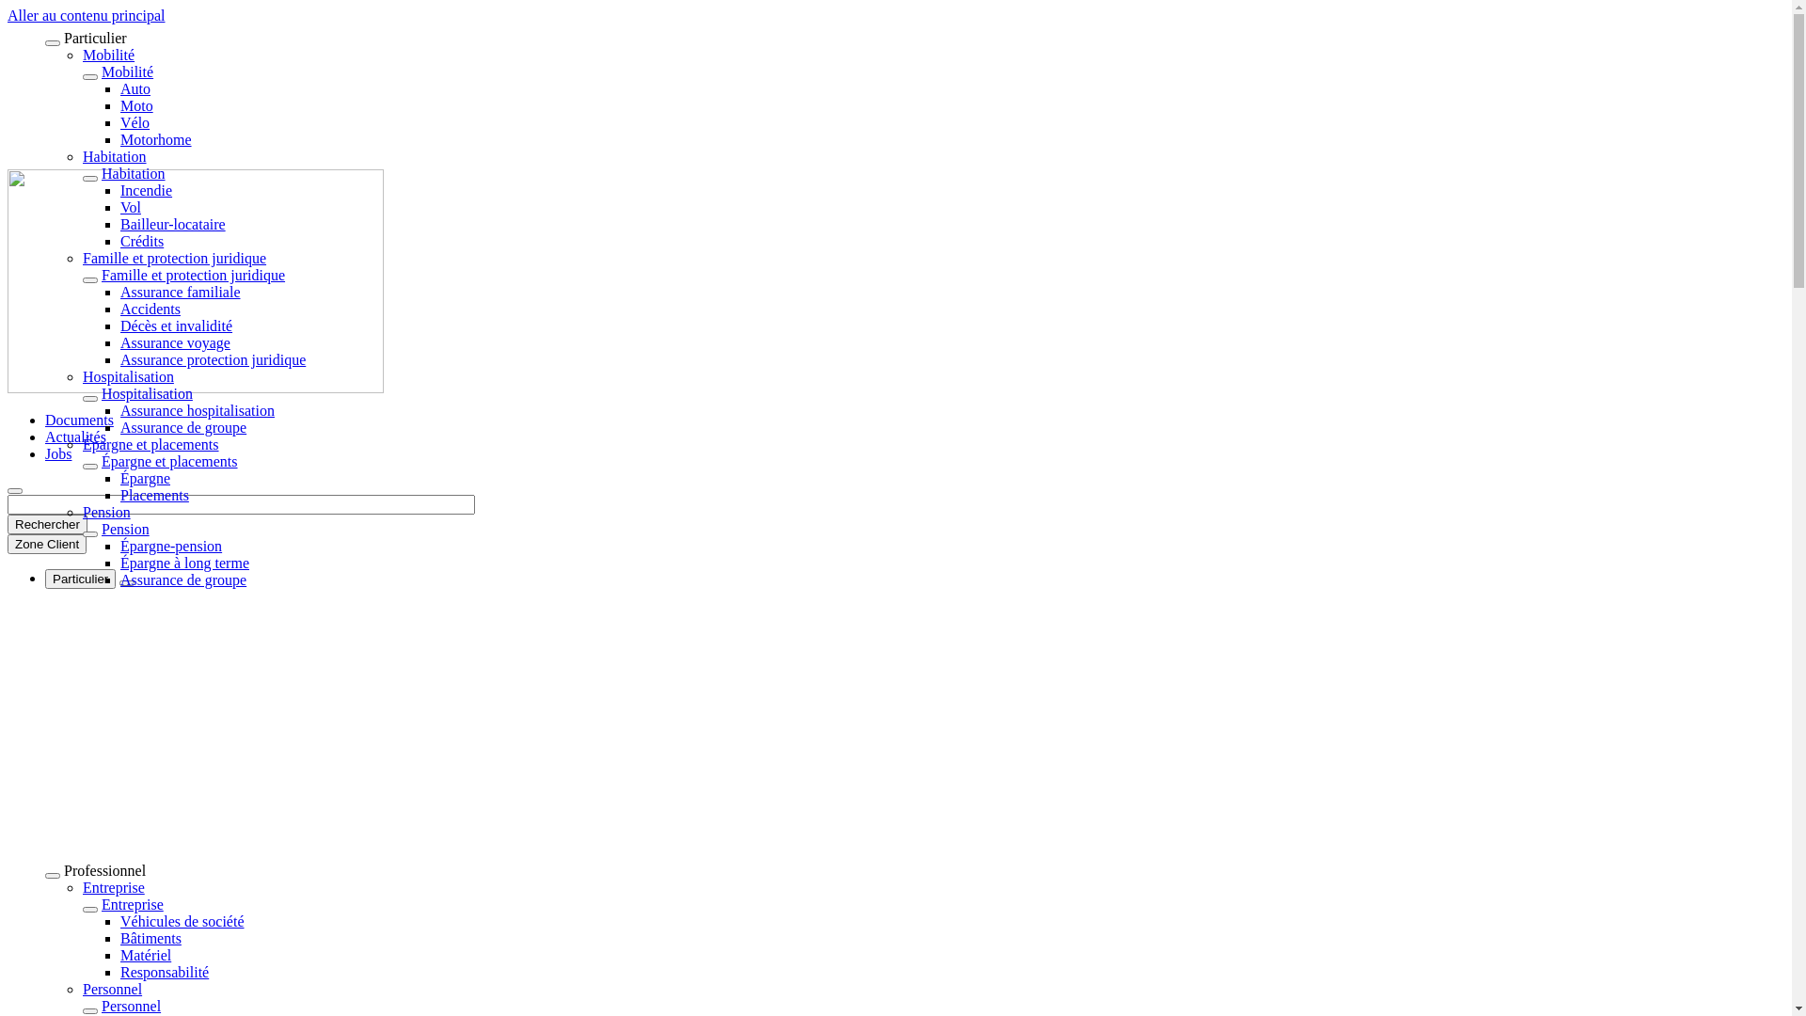  I want to click on 'Entreprise', so click(131, 903).